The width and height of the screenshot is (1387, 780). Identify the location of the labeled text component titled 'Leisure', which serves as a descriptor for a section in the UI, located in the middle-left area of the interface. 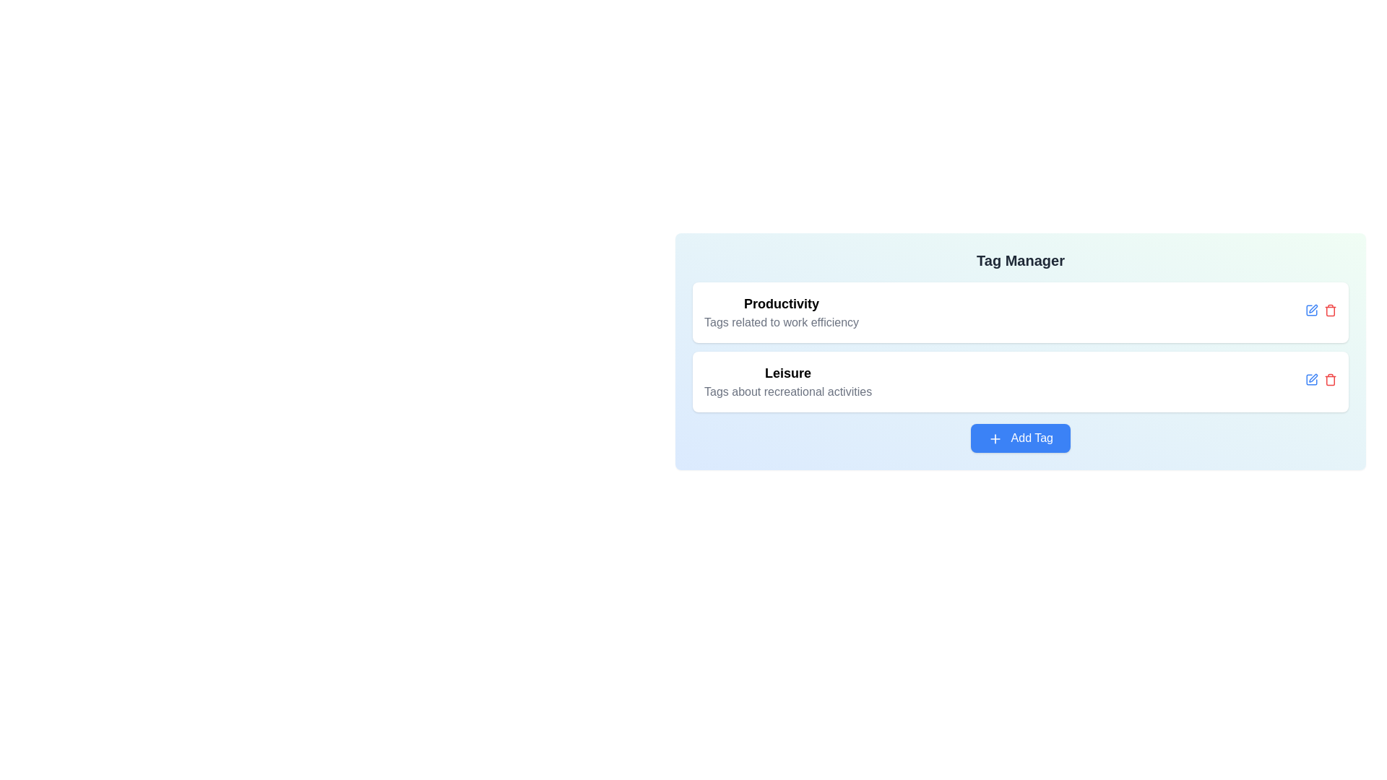
(787, 381).